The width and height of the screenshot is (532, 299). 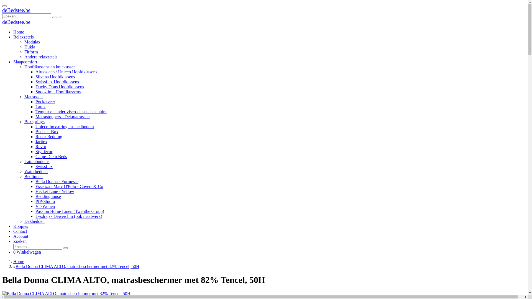 What do you see at coordinates (66, 71) in the screenshot?
I see `'Aircosleep / Unieco Hoofdkussens'` at bounding box center [66, 71].